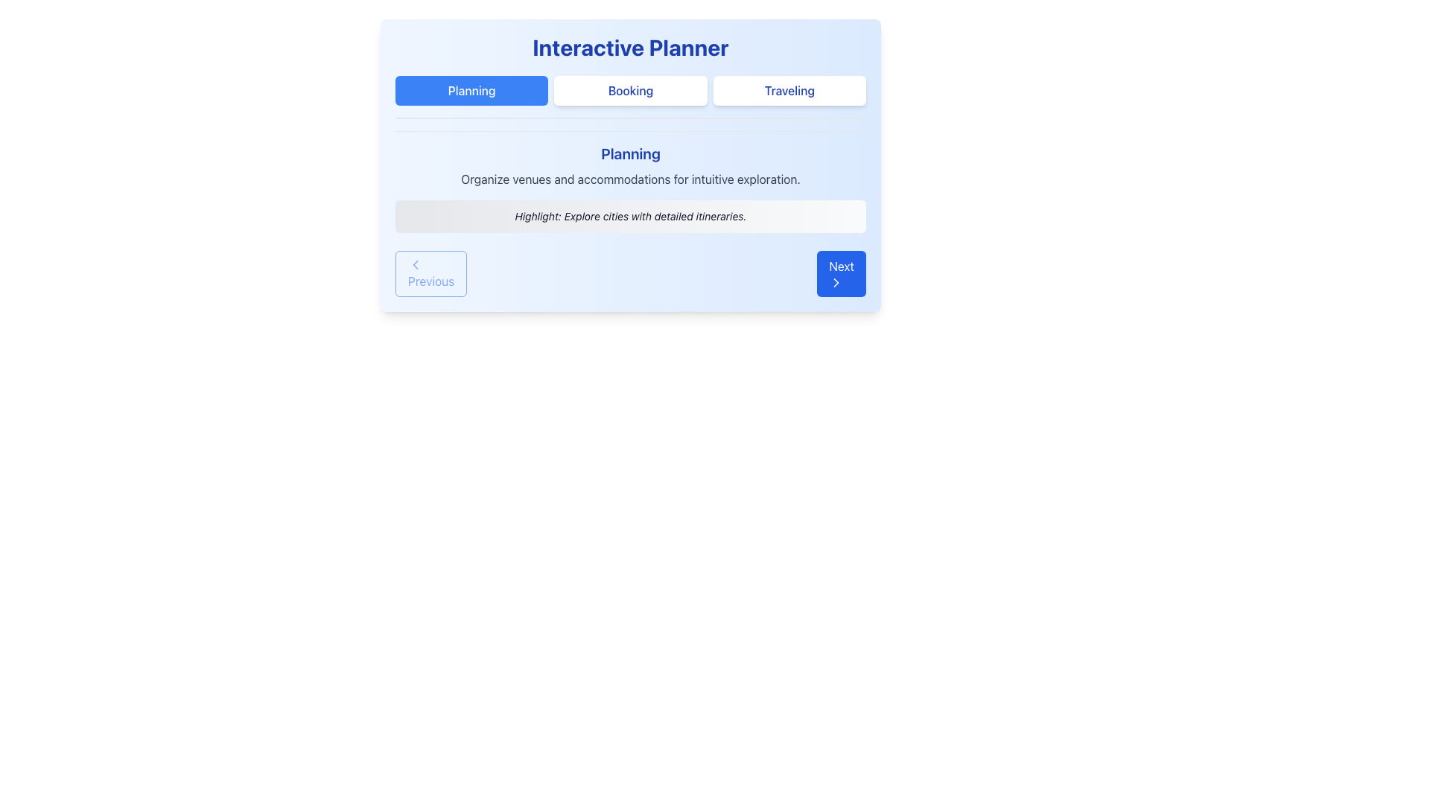 Image resolution: width=1430 pixels, height=804 pixels. I want to click on the Informational section that provides details about the 'Planning' phase in the interactive planner interface, located below the tabs 'Planning', 'Booking', and 'Traveling', so click(630, 180).